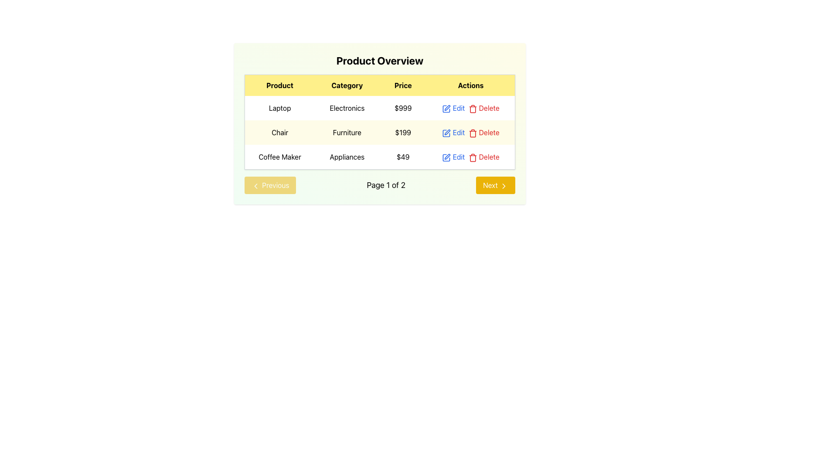 The image size is (837, 471). I want to click on the 'Edit' button with a pen icon in the 'Actions' column of the third row of the product table, so click(453, 156).